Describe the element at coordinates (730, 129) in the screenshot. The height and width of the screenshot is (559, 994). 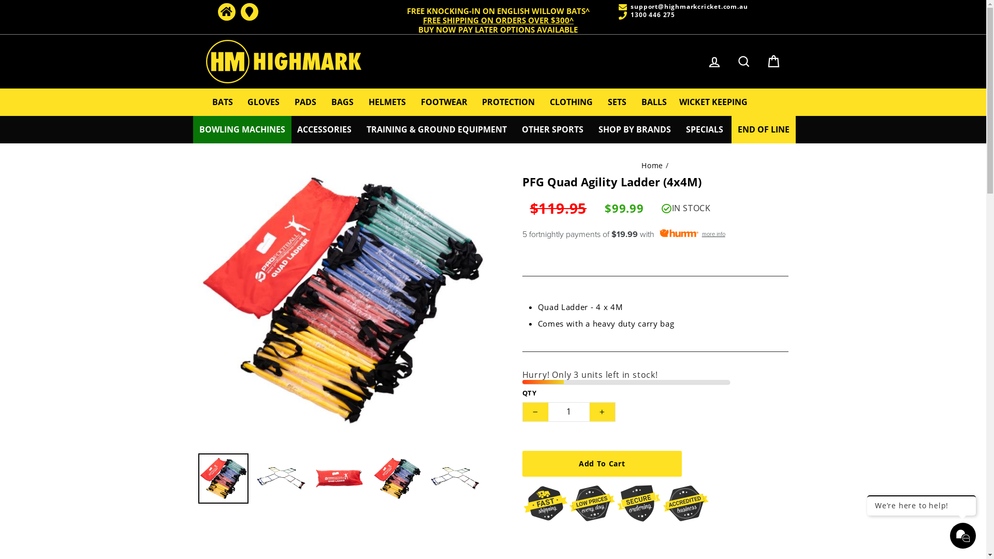
I see `'END OF LINE'` at that location.